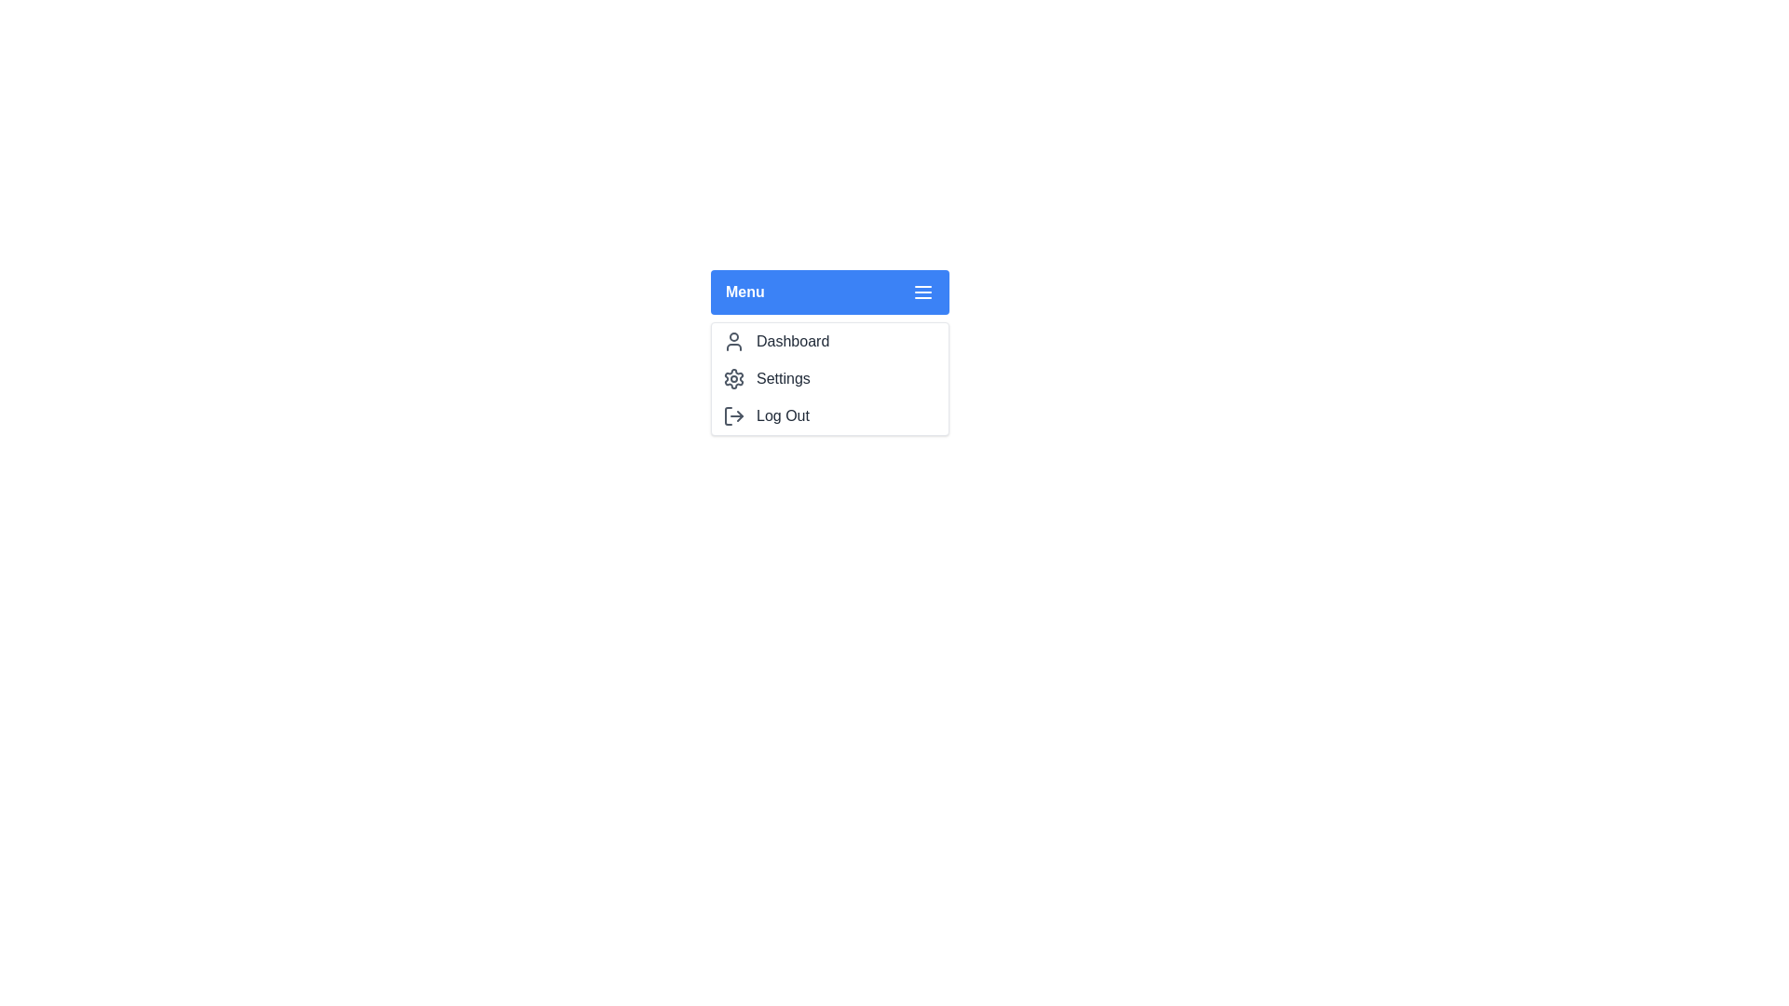  What do you see at coordinates (829, 292) in the screenshot?
I see `the 'Menu' button to toggle the menu closed` at bounding box center [829, 292].